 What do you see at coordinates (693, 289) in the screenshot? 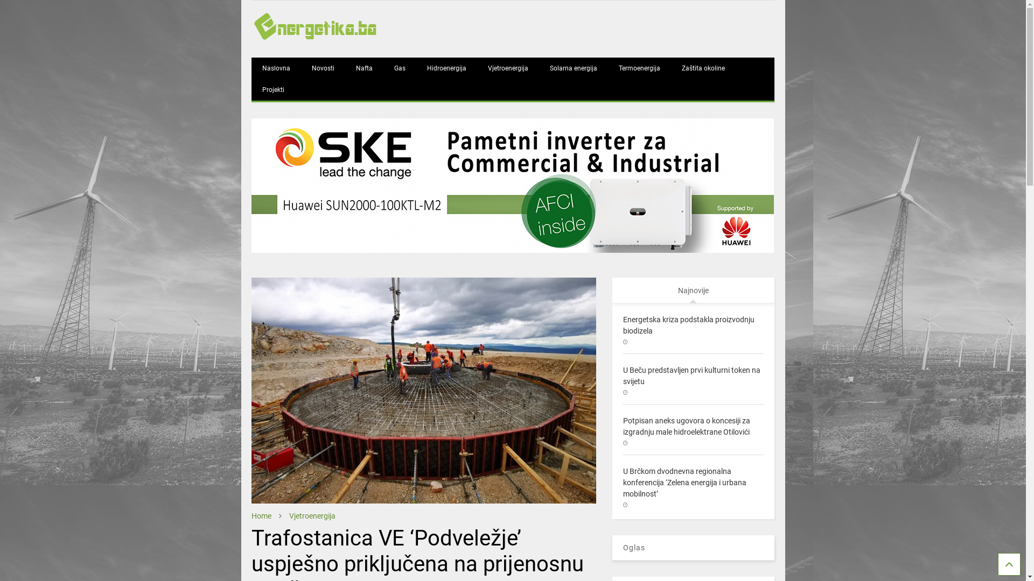
I see `'Najnovije'` at bounding box center [693, 289].